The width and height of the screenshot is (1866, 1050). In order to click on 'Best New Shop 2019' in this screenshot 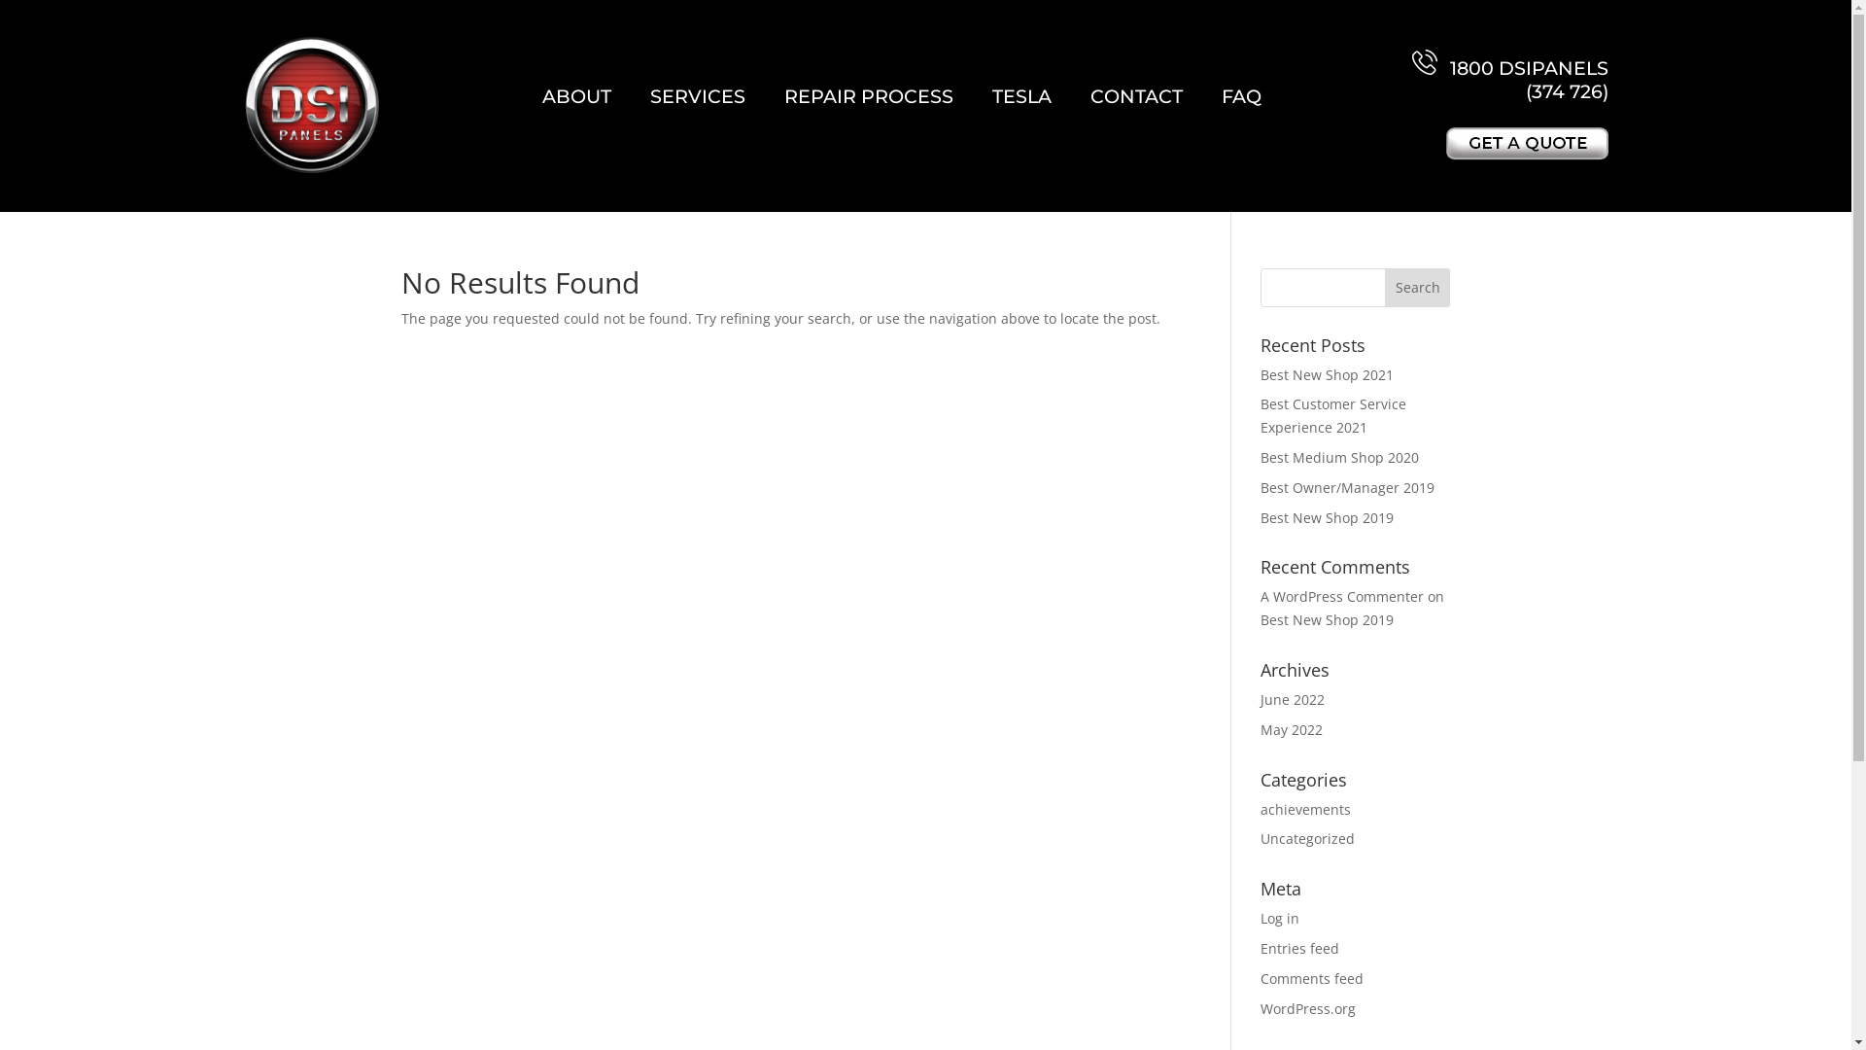, I will do `click(1326, 516)`.